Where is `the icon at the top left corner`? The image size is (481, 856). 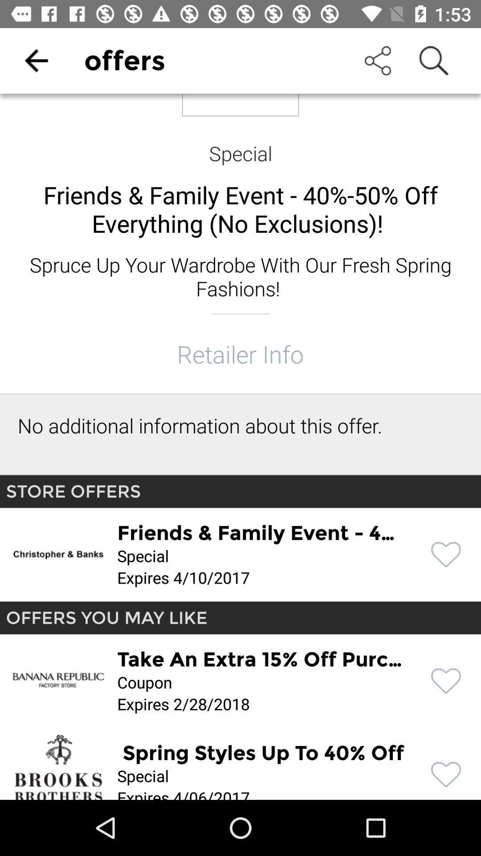 the icon at the top left corner is located at coordinates (36, 60).